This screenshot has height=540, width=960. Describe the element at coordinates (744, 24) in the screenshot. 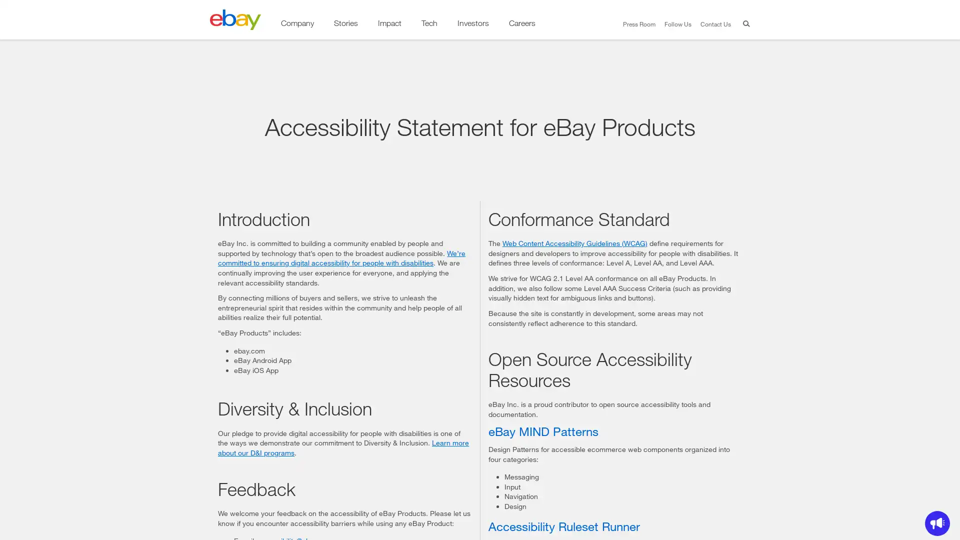

I see `Search Website` at that location.